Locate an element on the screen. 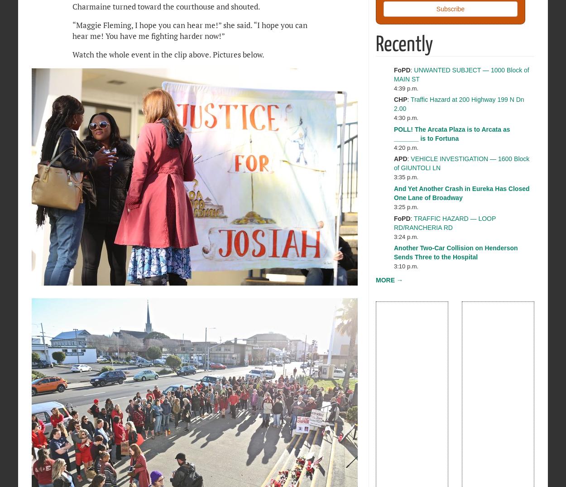 The image size is (566, 487). 'VEHICLE INVESTIGATION — 1600 Block of GIUNTOLI LN' is located at coordinates (461, 162).